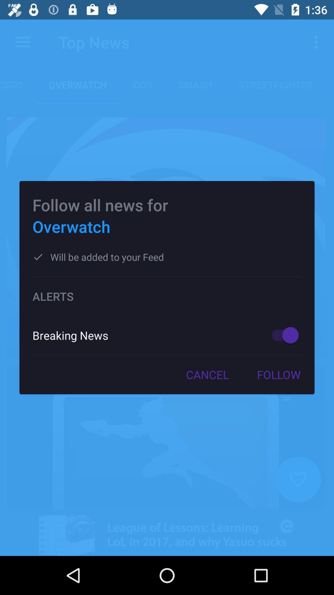 This screenshot has width=334, height=595. What do you see at coordinates (207, 374) in the screenshot?
I see `the item next to follow item` at bounding box center [207, 374].